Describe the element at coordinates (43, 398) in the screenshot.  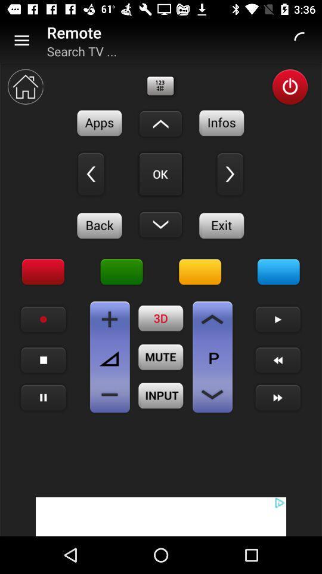
I see `pause` at that location.